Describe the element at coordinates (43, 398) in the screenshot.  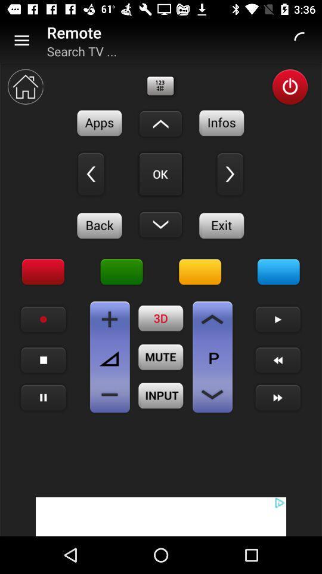
I see `pause` at that location.